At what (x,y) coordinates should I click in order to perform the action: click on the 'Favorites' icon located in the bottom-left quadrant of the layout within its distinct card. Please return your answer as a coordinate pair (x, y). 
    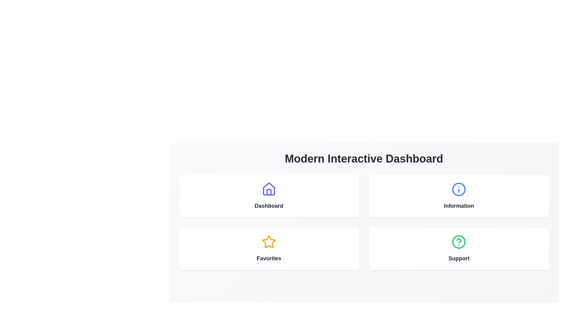
    Looking at the image, I should click on (269, 241).